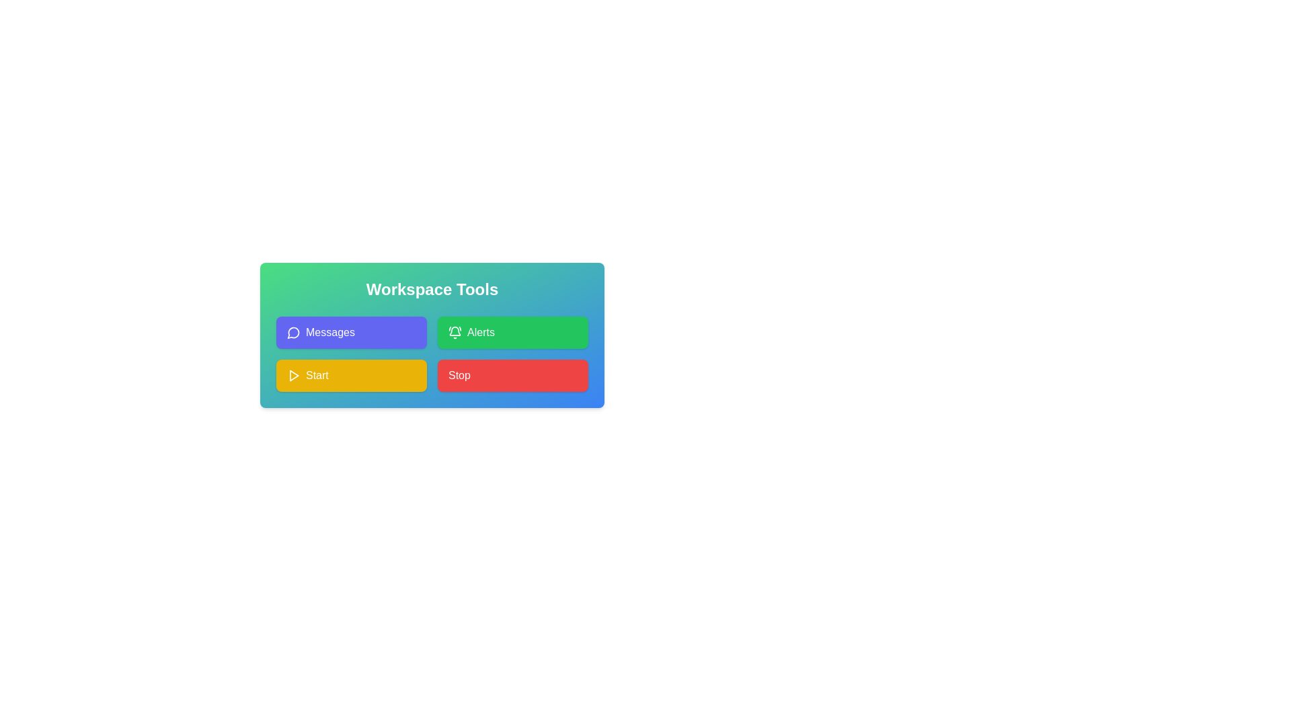 The height and width of the screenshot is (726, 1291). Describe the element at coordinates (352, 376) in the screenshot. I see `the 'Start' button located in the bottom-left area of the grid structure, immediately to the left of the 'Stop' button` at that location.